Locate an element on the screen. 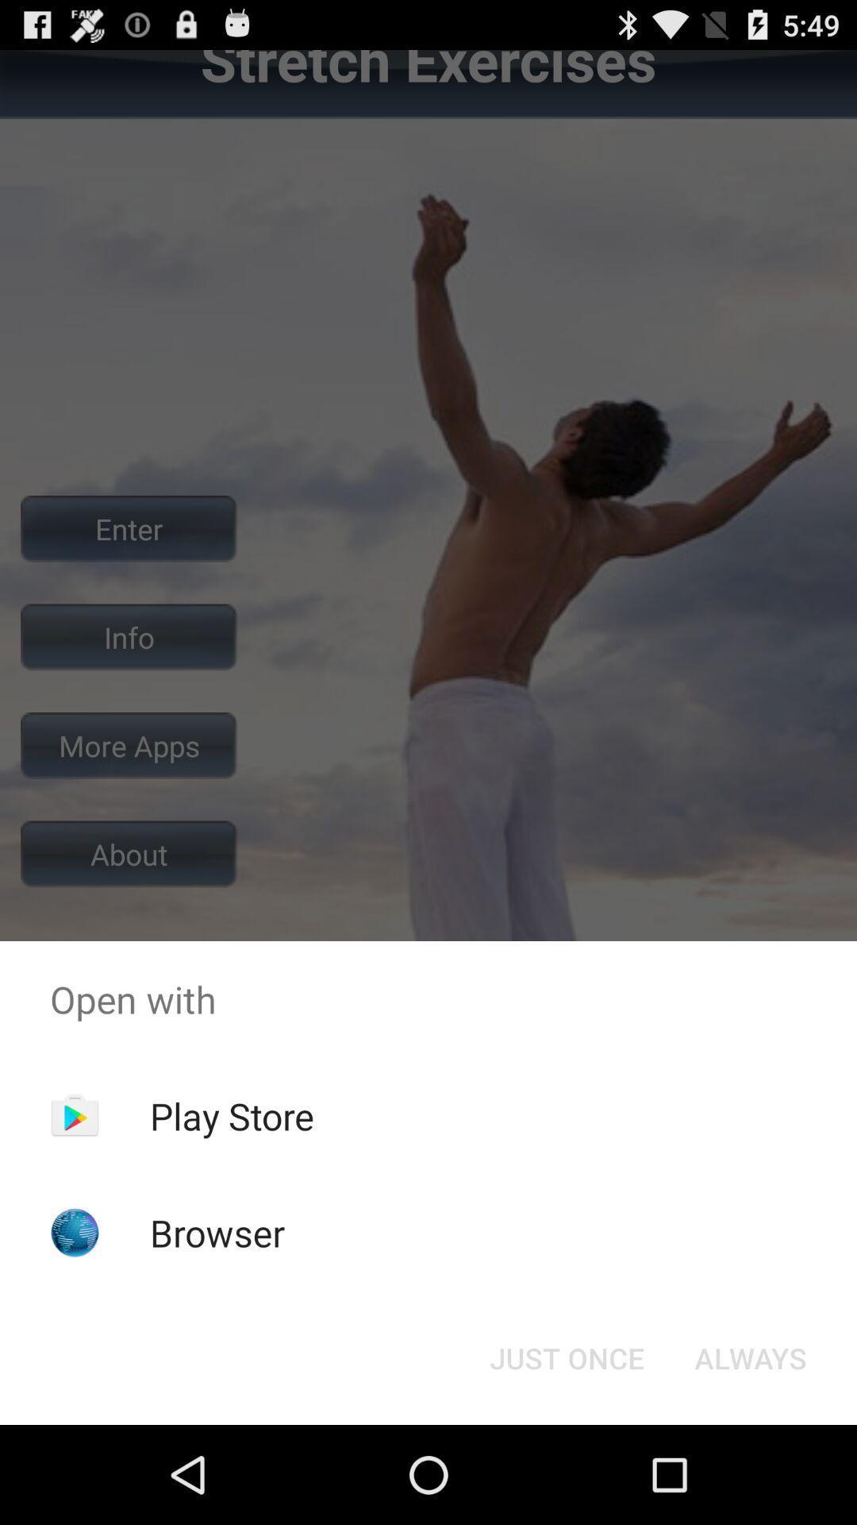  item at the bottom right corner is located at coordinates (750, 1357).